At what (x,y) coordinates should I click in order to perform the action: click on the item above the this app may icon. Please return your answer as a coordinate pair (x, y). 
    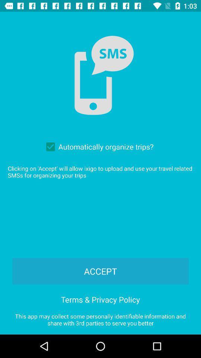
    Looking at the image, I should click on (100, 298).